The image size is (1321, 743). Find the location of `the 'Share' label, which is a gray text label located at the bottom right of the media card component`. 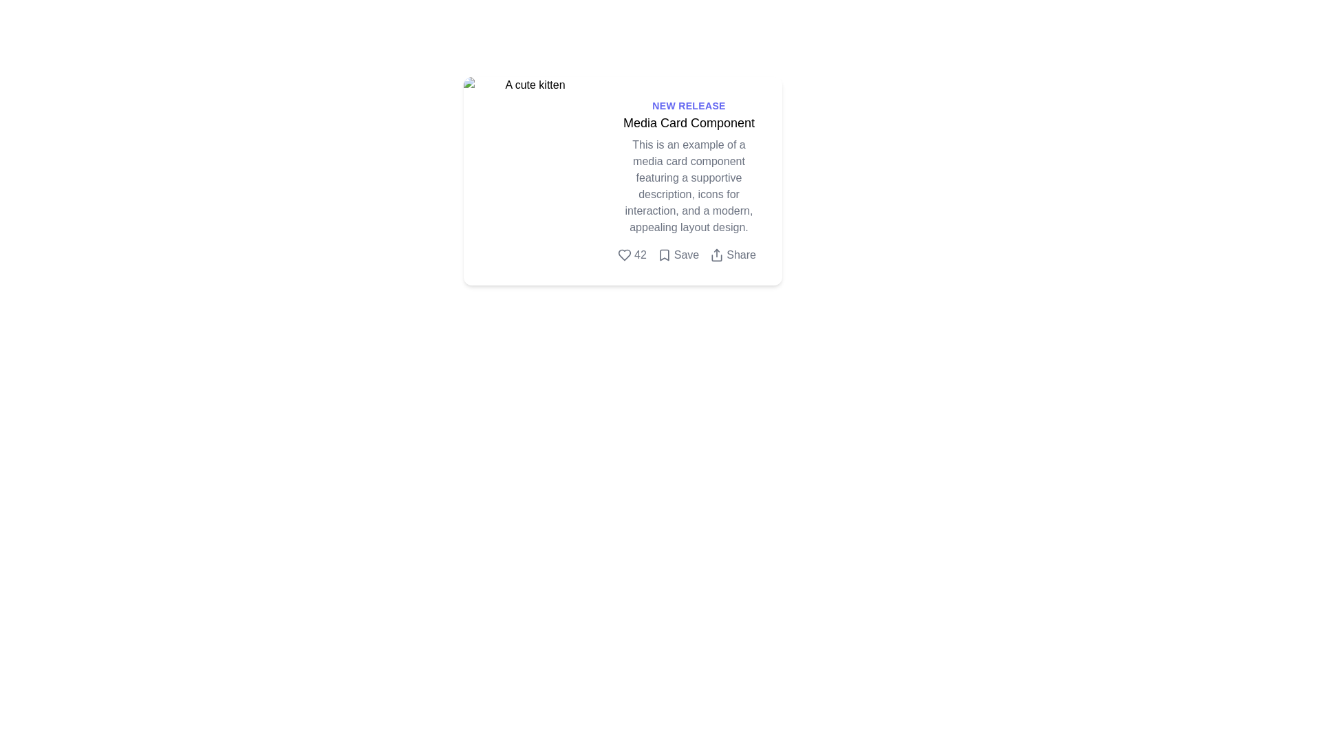

the 'Share' label, which is a gray text label located at the bottom right of the media card component is located at coordinates (740, 255).